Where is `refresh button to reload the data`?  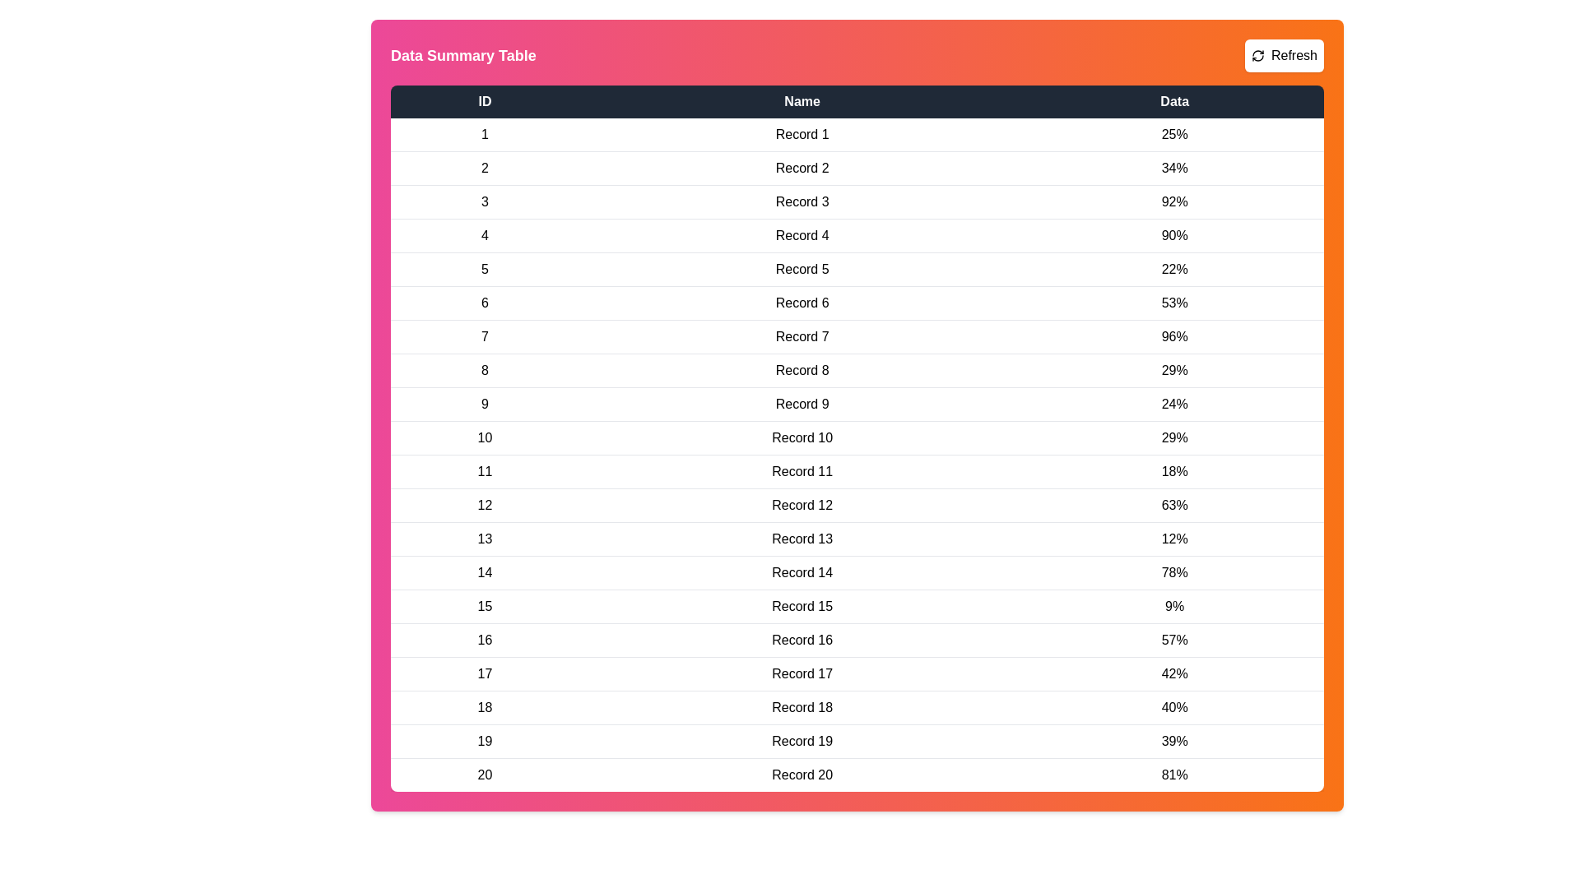 refresh button to reload the data is located at coordinates (1283, 55).